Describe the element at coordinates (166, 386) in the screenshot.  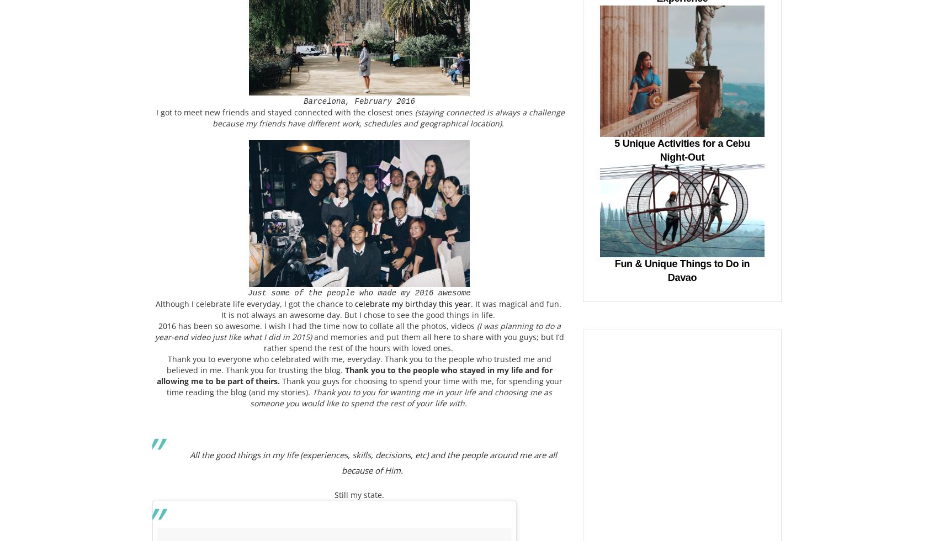
I see `'Thank you guys for choosing to spend your time with me, for spending your time reading the blog (and my stories).'` at that location.